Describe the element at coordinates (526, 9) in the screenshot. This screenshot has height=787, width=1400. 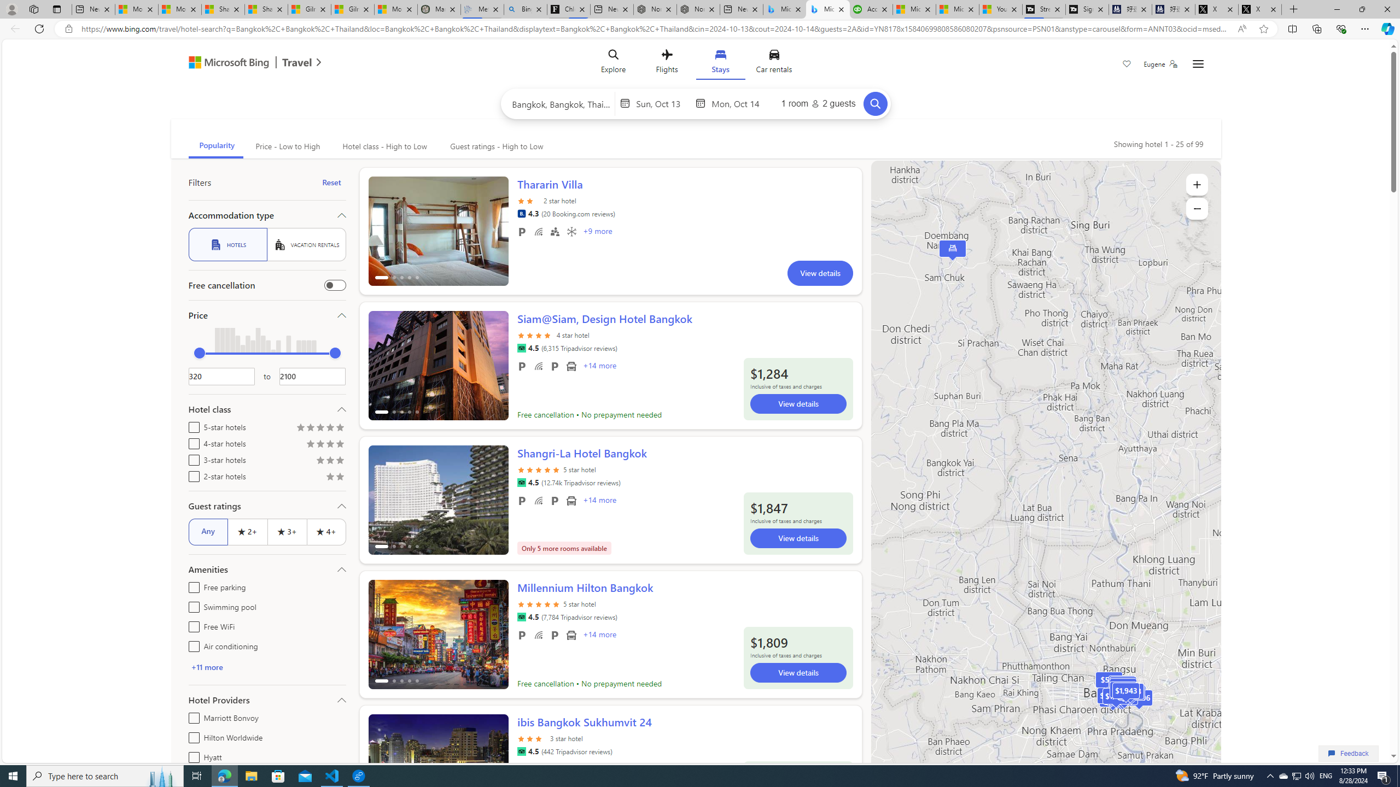
I see `'Bing Real Estate - Home sales and rental listings'` at that location.